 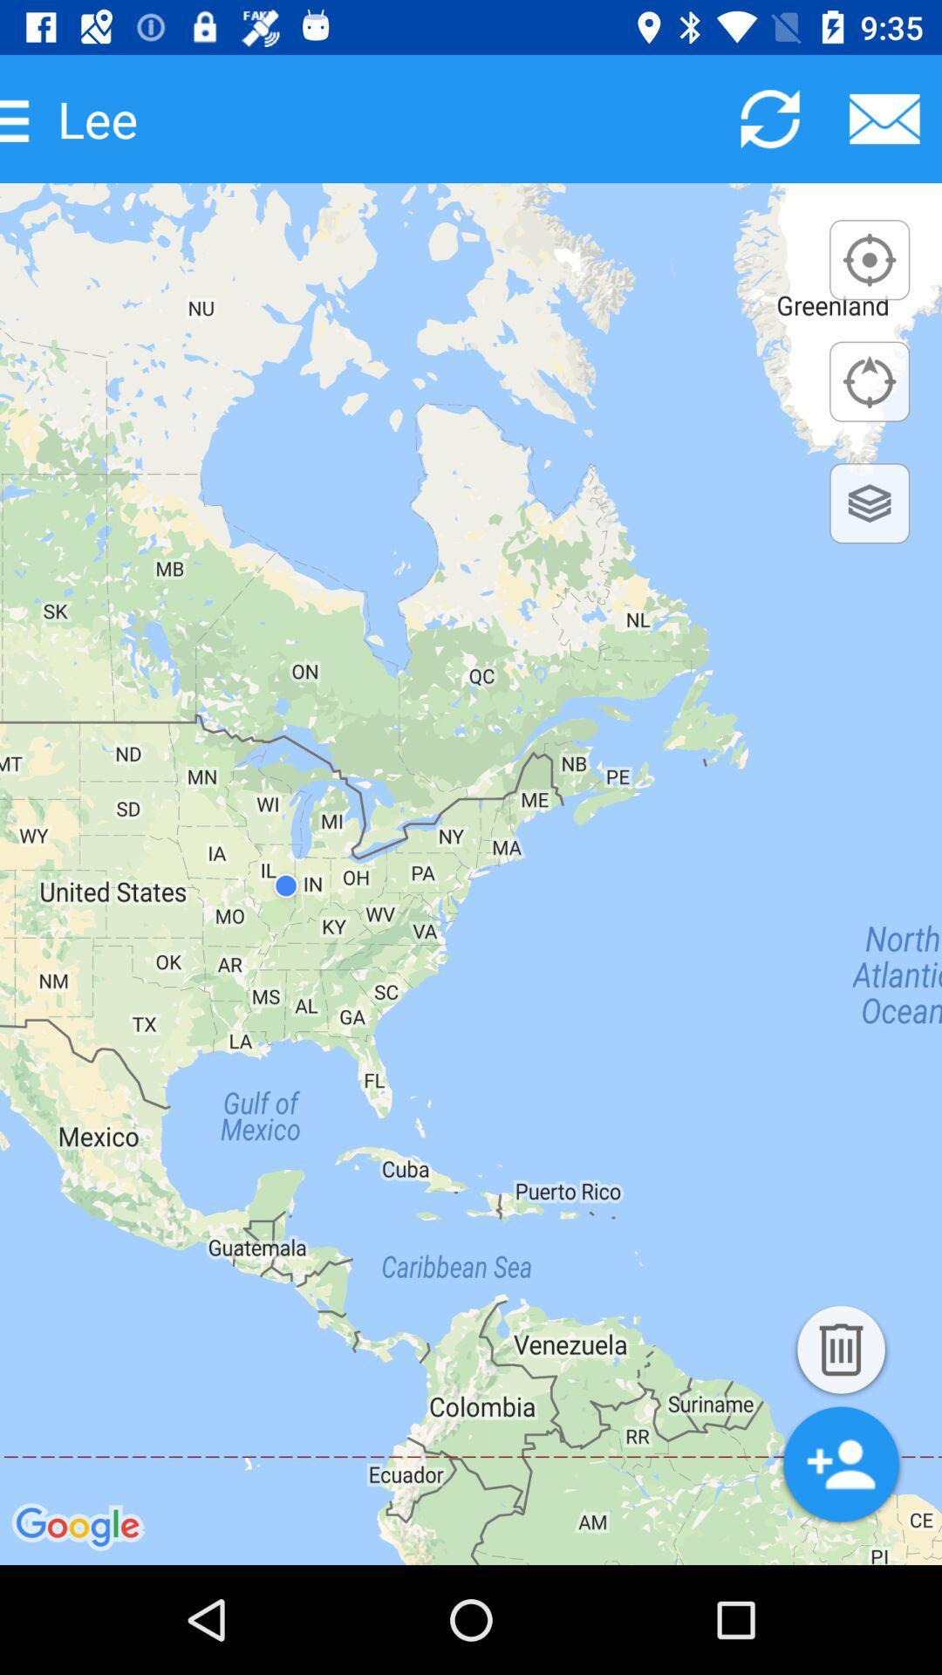 What do you see at coordinates (769, 118) in the screenshot?
I see `the refresh icon` at bounding box center [769, 118].